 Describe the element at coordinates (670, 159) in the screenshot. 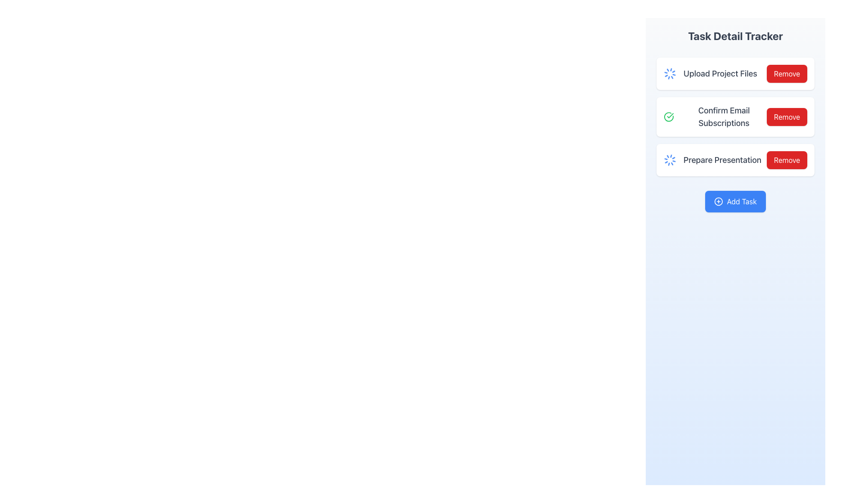

I see `the animated visual loader icon indicating the processing status of the 'Prepare Presentation' task, located to the left of the task label` at that location.